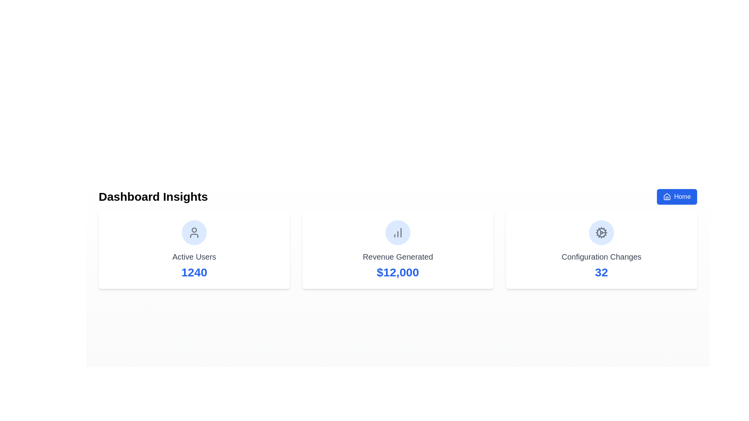 The width and height of the screenshot is (749, 421). Describe the element at coordinates (194, 232) in the screenshot. I see `the 'Active Users' icon located in the first card, centered above the text 'Active Users' and the number '1240'` at that location.